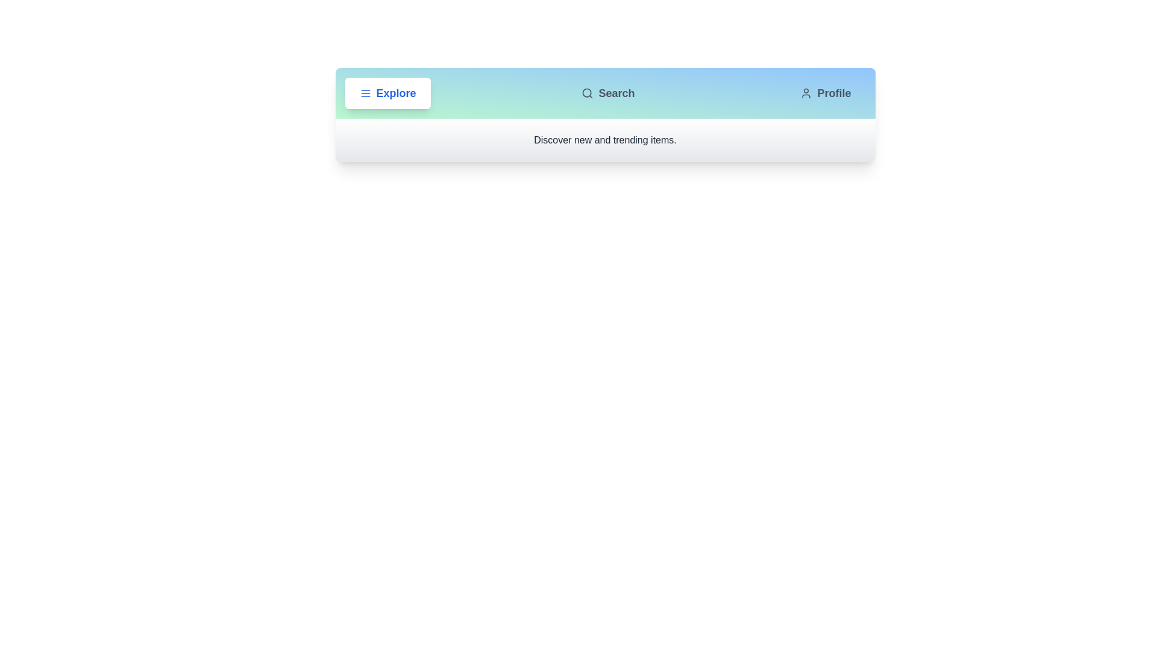 The height and width of the screenshot is (651, 1157). What do you see at coordinates (588, 92) in the screenshot?
I see `the icon of the Search tab` at bounding box center [588, 92].